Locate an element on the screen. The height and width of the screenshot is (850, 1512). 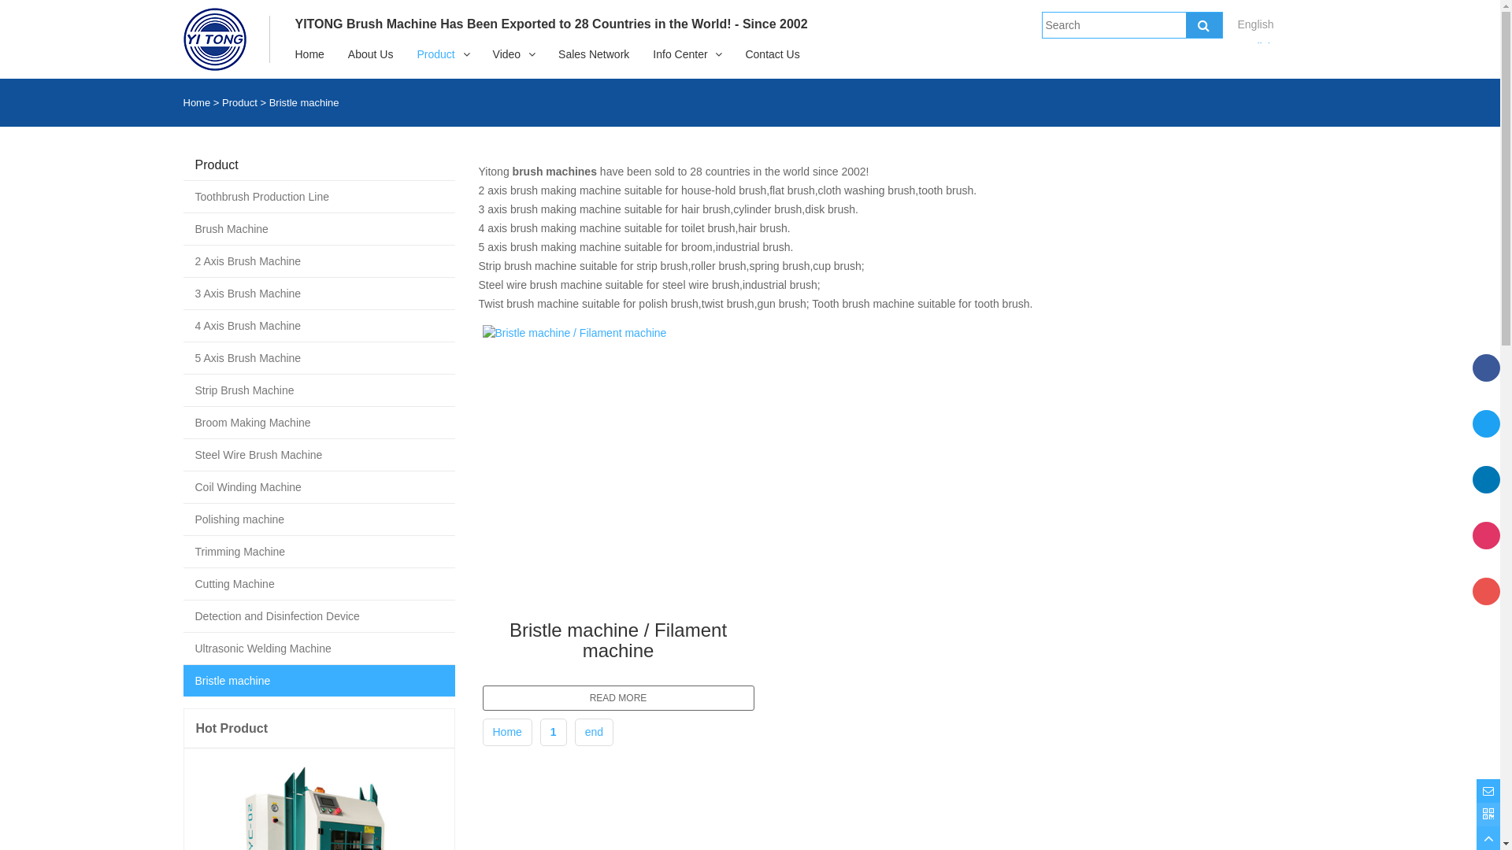
'Strip Brush Machine' is located at coordinates (182, 390).